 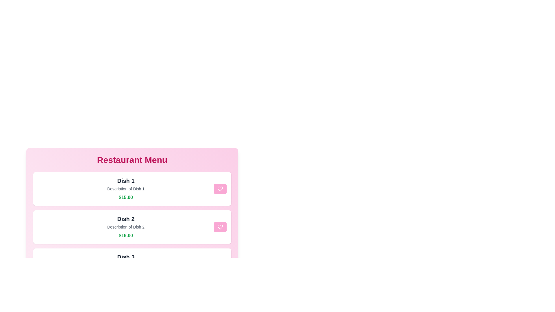 I want to click on the price label of 'Dish 2', which is located at the bottom of the section for 'Dish 2' in the menu, beneath the description text and to the left of an interactive heart icon, so click(x=125, y=236).